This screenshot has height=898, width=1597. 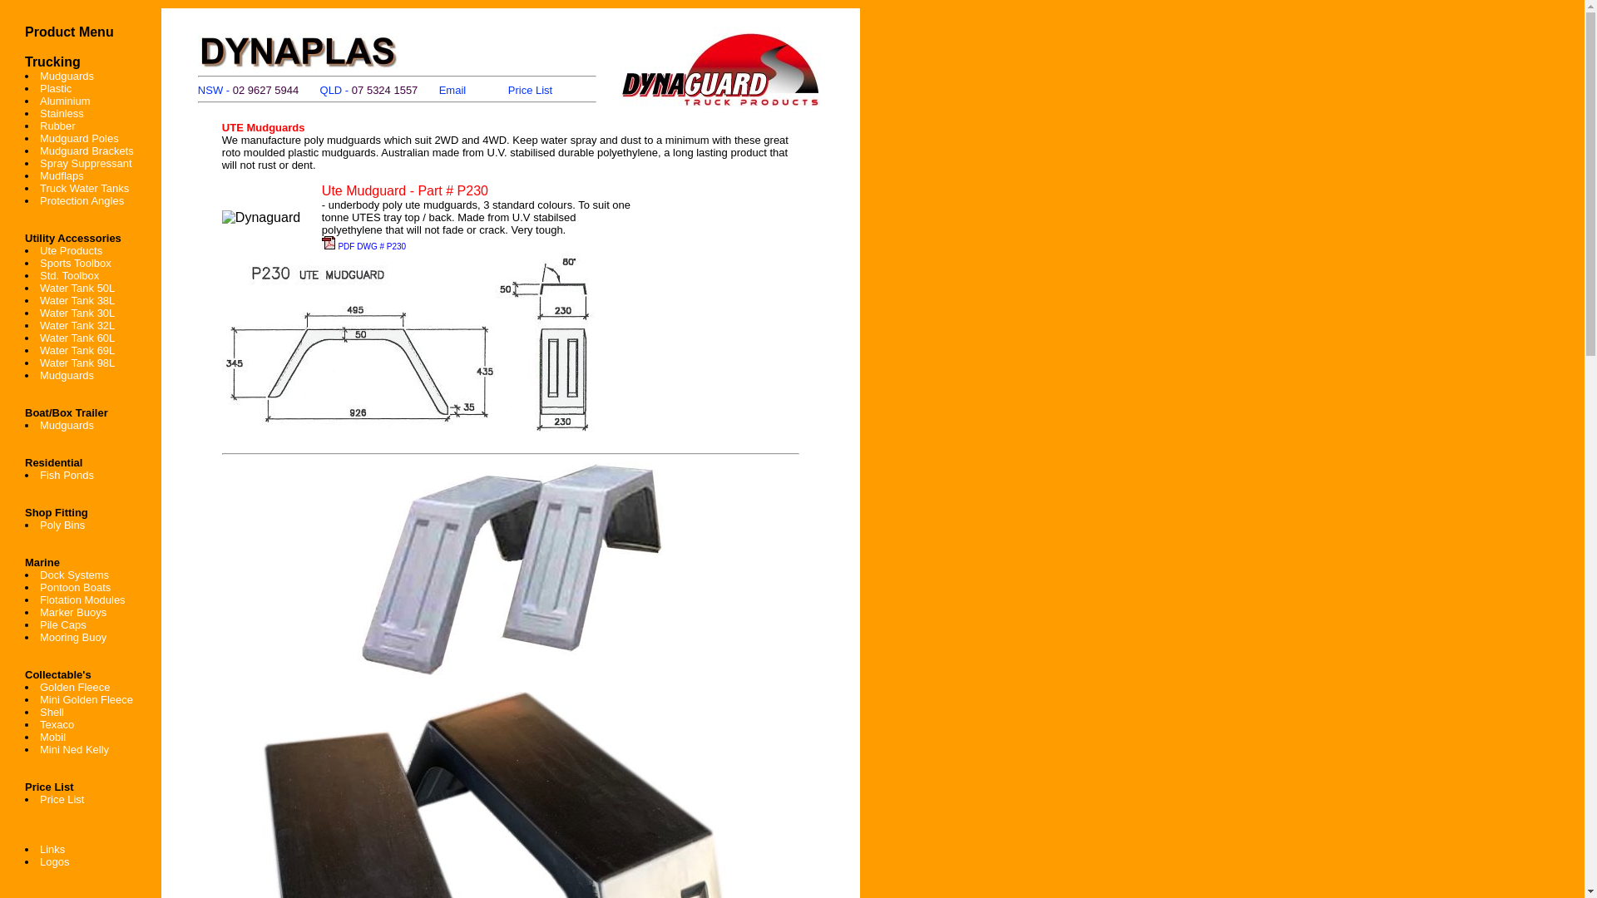 I want to click on 'PDF DWG # P230', so click(x=369, y=245).